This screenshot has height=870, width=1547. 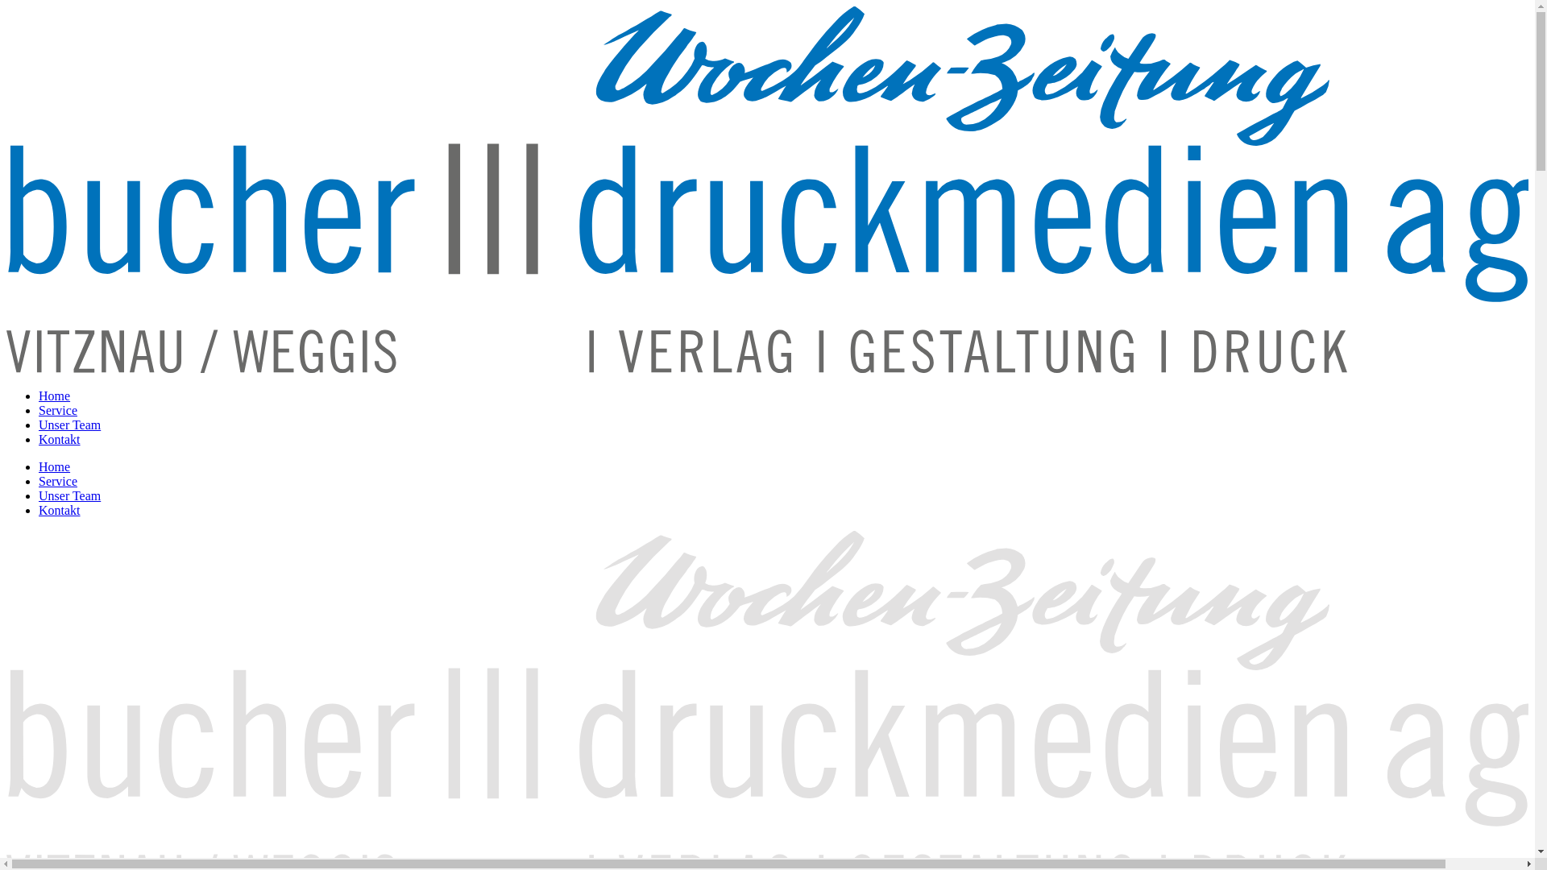 What do you see at coordinates (68, 495) in the screenshot?
I see `'Unser Team'` at bounding box center [68, 495].